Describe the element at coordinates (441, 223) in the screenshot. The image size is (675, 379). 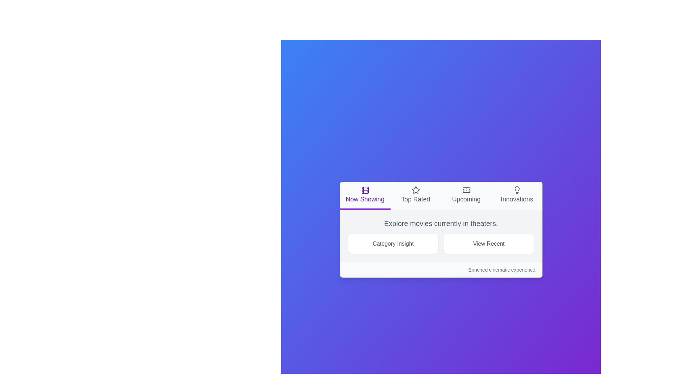
I see `the Text label located at the top-middle section of the panel, which serves as a descriptive header above the 'Category Insight' and 'View Recent' buttons` at that location.